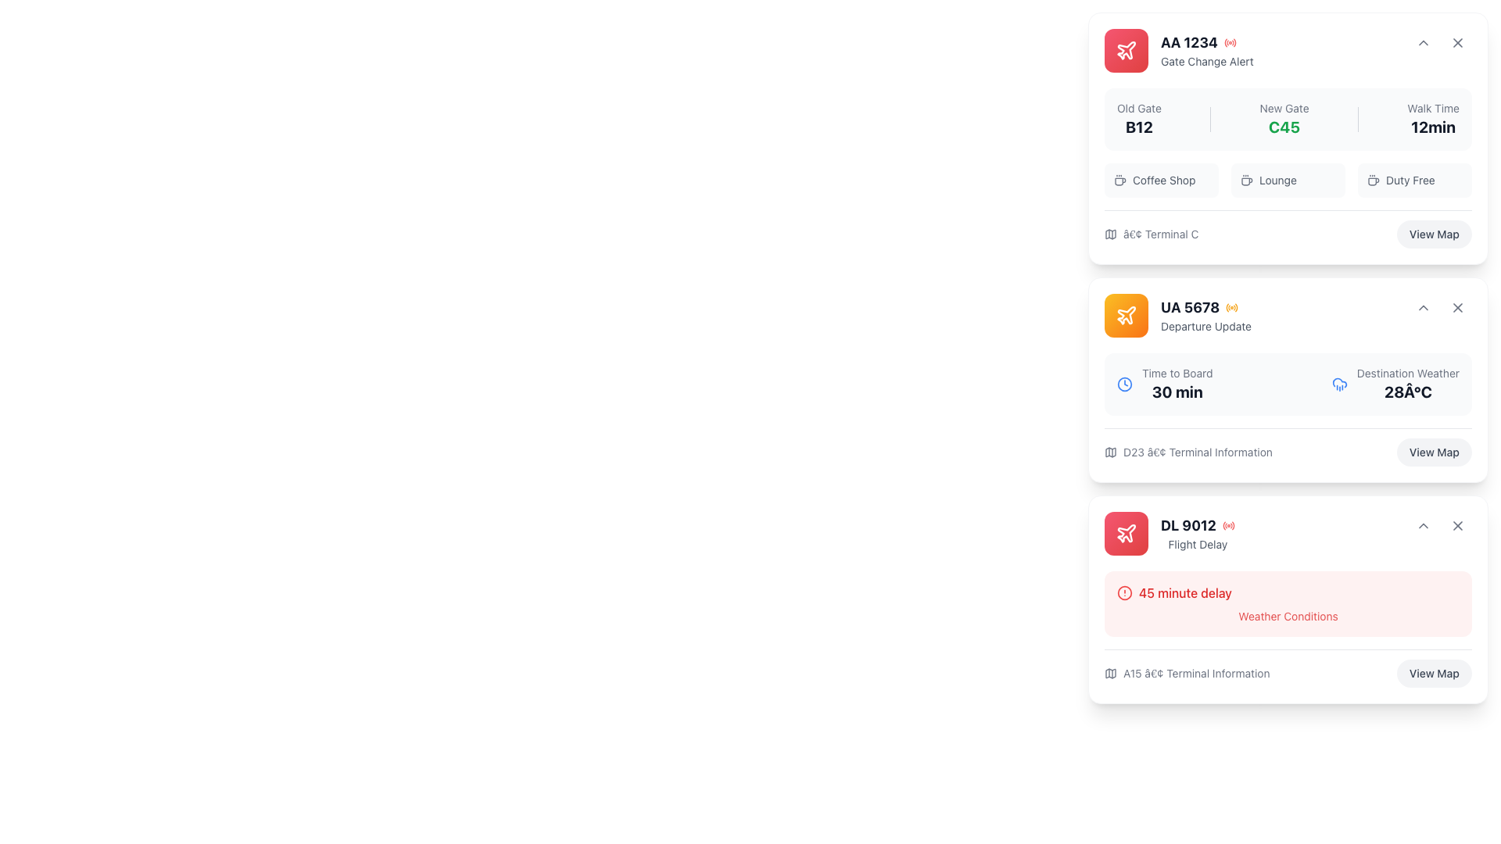 The height and width of the screenshot is (844, 1501). What do you see at coordinates (1170, 532) in the screenshot?
I see `the informational component displaying a red square icon with a white airplane symbol, bold black text 'DL 9012', and smaller gray text 'Flight Delay' located at the bottommost position in a vertical stack of cards` at bounding box center [1170, 532].